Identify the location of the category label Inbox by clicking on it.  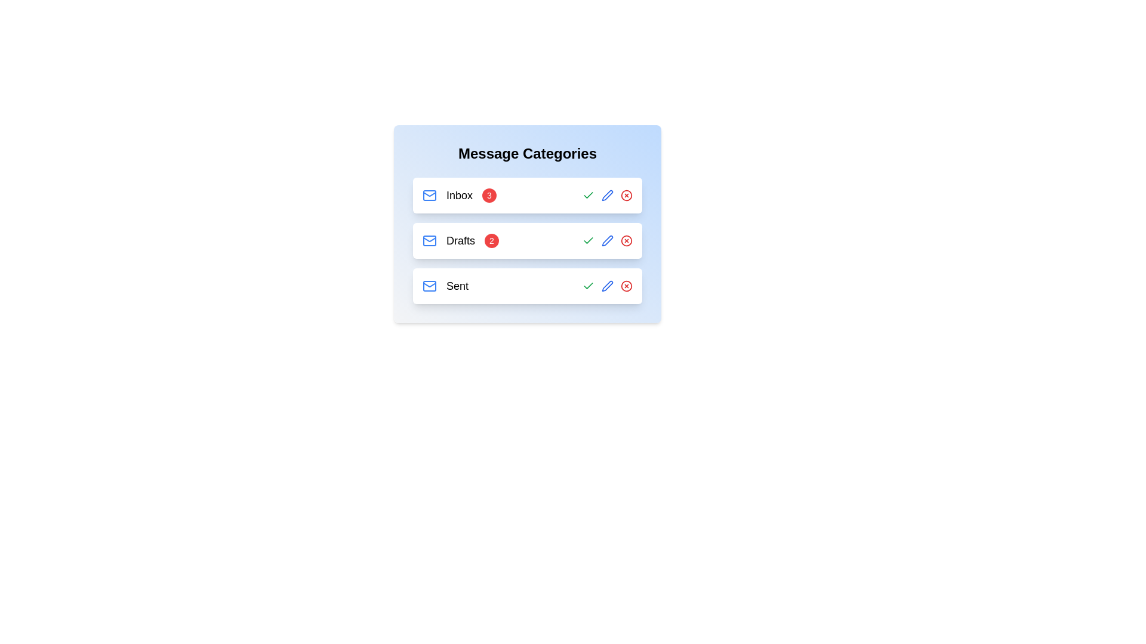
(458, 194).